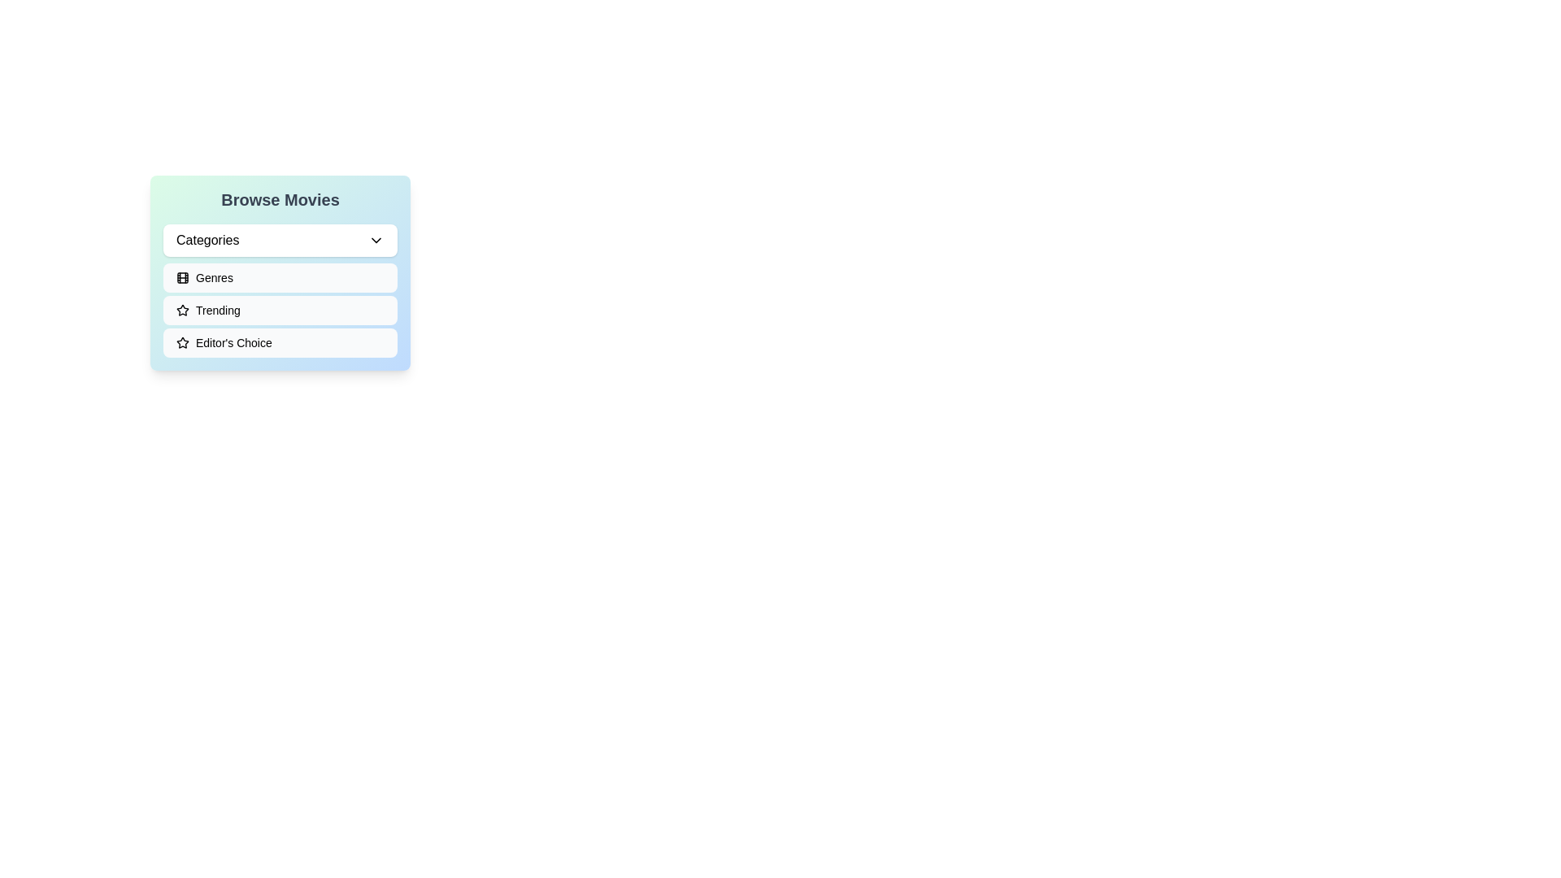 This screenshot has height=878, width=1561. What do you see at coordinates (280, 310) in the screenshot?
I see `the 'Trending' button, which is a horizontal button with a light background and rounded edges, located in the vertical menu list beneath the 'Categories' dropdown, positioned between 'Genres' and 'Editor's Choice'` at bounding box center [280, 310].